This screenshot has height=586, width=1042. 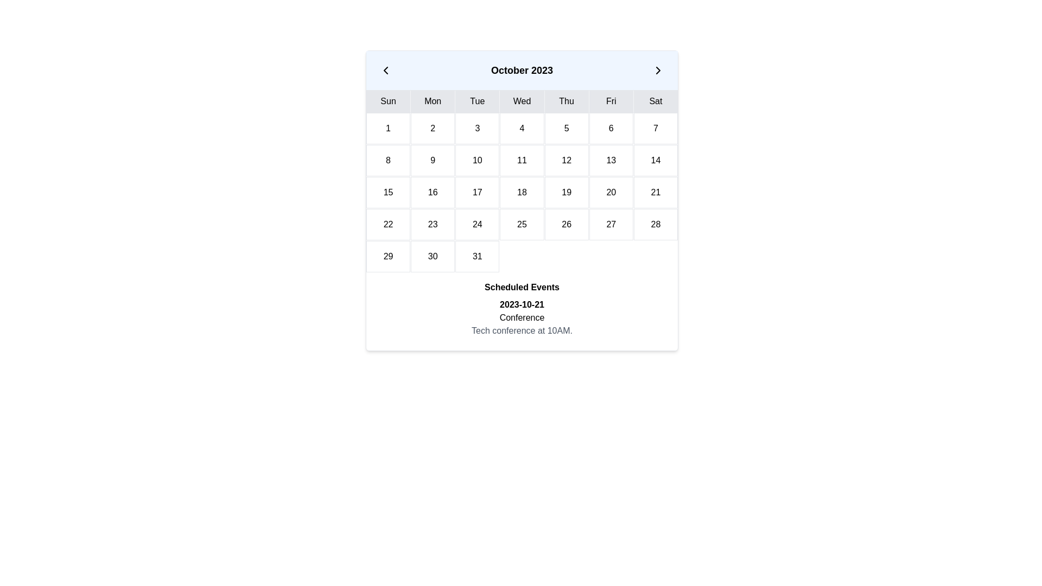 What do you see at coordinates (477, 192) in the screenshot?
I see `the Calendar Date Tile that displays the number '17'` at bounding box center [477, 192].